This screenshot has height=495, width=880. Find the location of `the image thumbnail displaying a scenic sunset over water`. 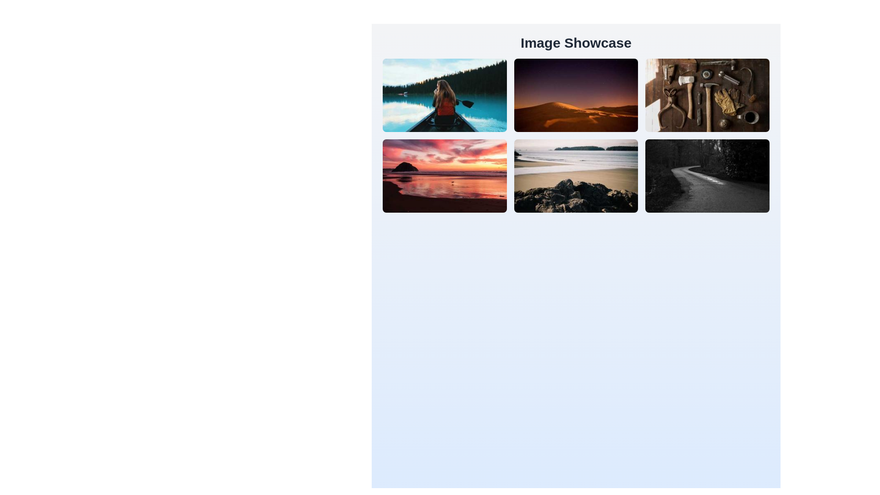

the image thumbnail displaying a scenic sunset over water is located at coordinates (445, 176).